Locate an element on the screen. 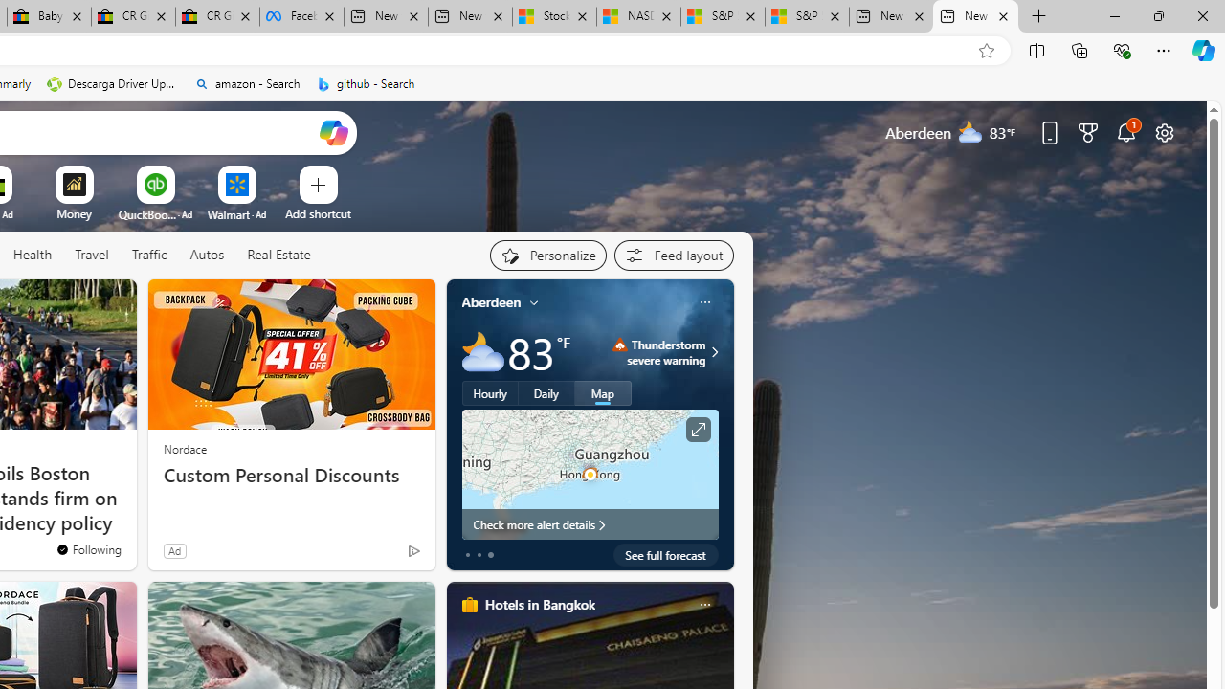  'Ad' is located at coordinates (174, 550).